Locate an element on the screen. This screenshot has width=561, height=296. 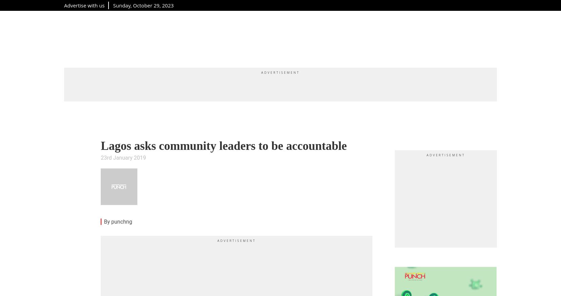
'Metro Plus' is located at coordinates (134, 38).